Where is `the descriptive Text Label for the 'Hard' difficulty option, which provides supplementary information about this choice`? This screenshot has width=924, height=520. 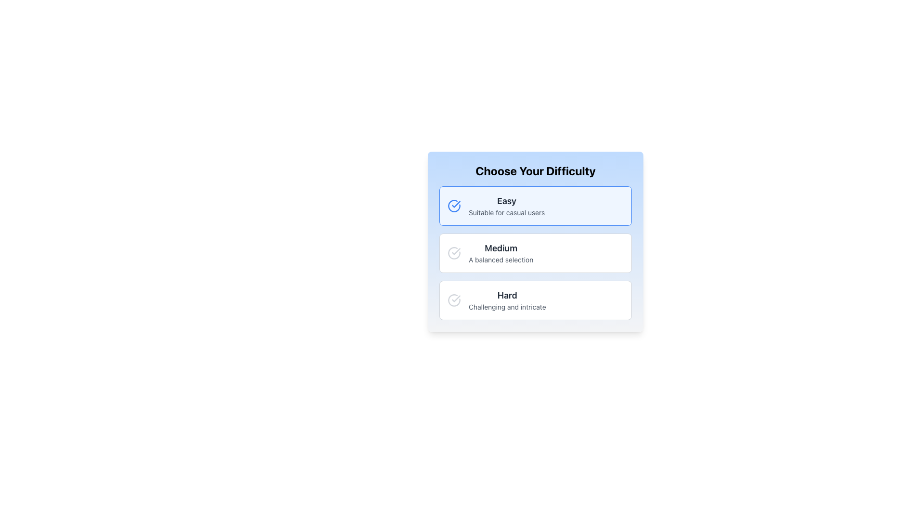
the descriptive Text Label for the 'Hard' difficulty option, which provides supplementary information about this choice is located at coordinates (507, 307).